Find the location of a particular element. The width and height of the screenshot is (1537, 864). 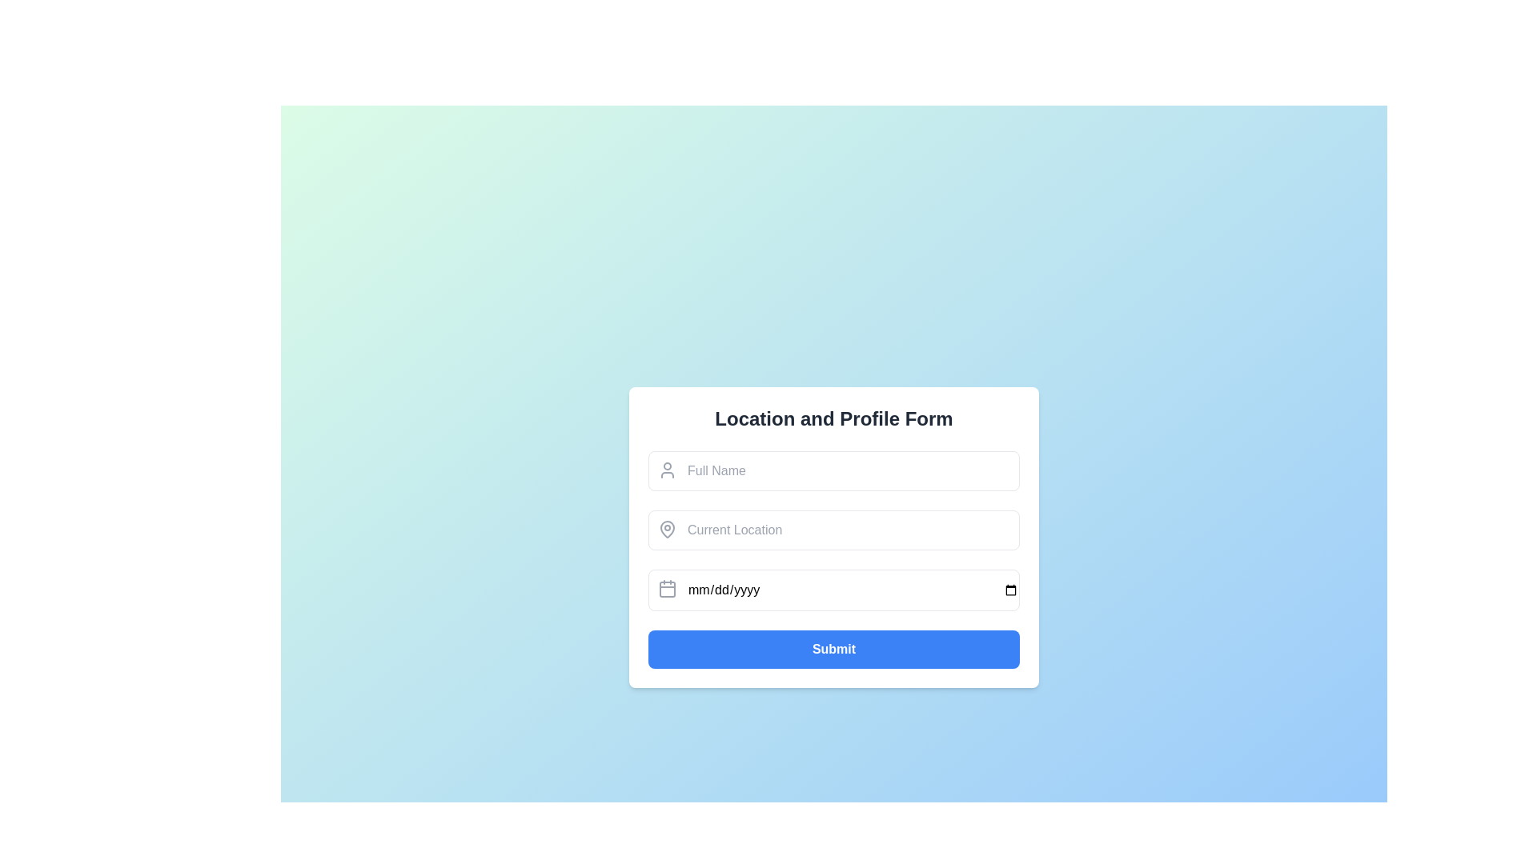

the centered header text element labeled 'Location and Profile Form', which is styled with bold, large-sized font and dark gray color, located at the top of a white, rounded rectangular section is located at coordinates (833, 418).